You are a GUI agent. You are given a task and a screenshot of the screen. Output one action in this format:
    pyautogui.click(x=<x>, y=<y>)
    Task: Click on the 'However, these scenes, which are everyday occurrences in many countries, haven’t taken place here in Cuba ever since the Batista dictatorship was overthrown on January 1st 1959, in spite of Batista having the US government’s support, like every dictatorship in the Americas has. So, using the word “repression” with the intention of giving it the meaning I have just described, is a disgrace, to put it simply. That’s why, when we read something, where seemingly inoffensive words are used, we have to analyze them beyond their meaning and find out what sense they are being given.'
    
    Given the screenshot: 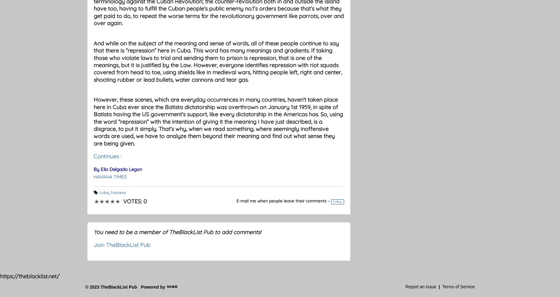 What is the action you would take?
    pyautogui.click(x=218, y=121)
    